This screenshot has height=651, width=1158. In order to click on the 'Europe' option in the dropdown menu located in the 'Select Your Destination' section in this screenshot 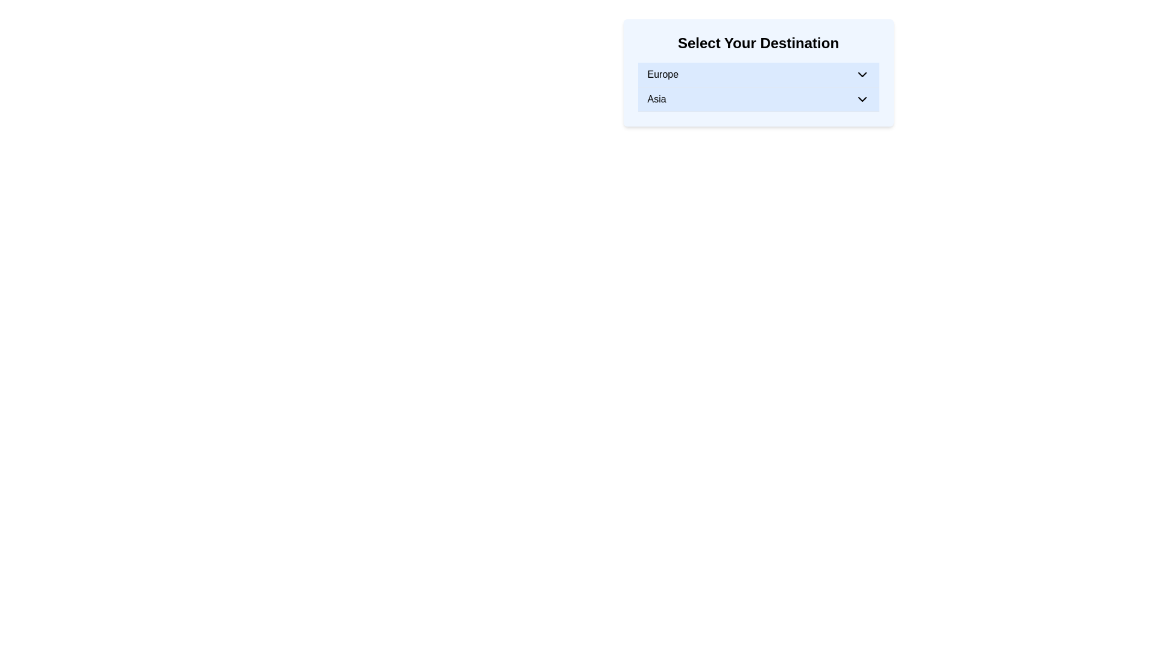, I will do `click(758, 74)`.